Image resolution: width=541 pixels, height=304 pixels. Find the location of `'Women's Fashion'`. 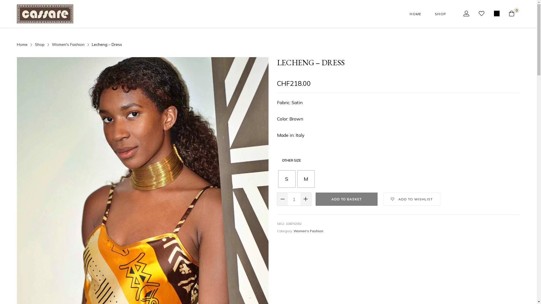

'Women's Fashion' is located at coordinates (68, 44).